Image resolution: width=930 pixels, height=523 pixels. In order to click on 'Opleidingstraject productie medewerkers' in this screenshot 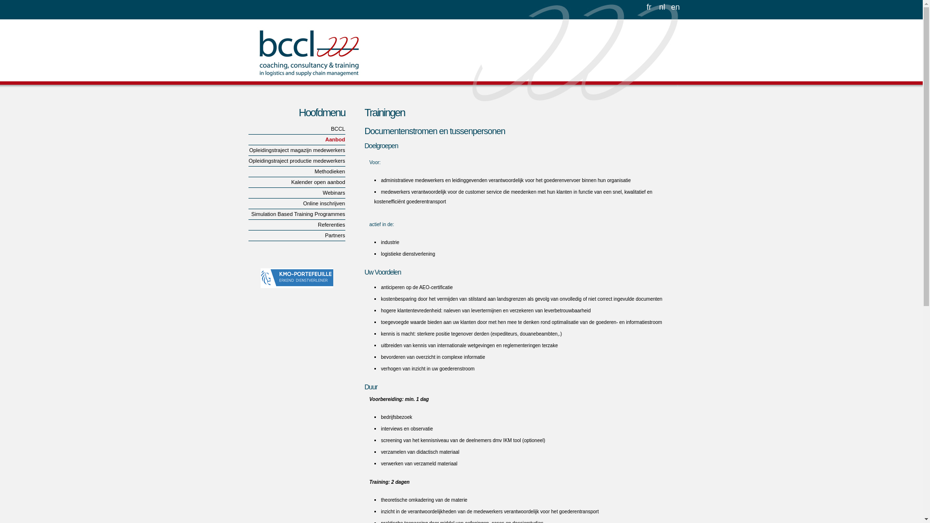, I will do `click(295, 160)`.